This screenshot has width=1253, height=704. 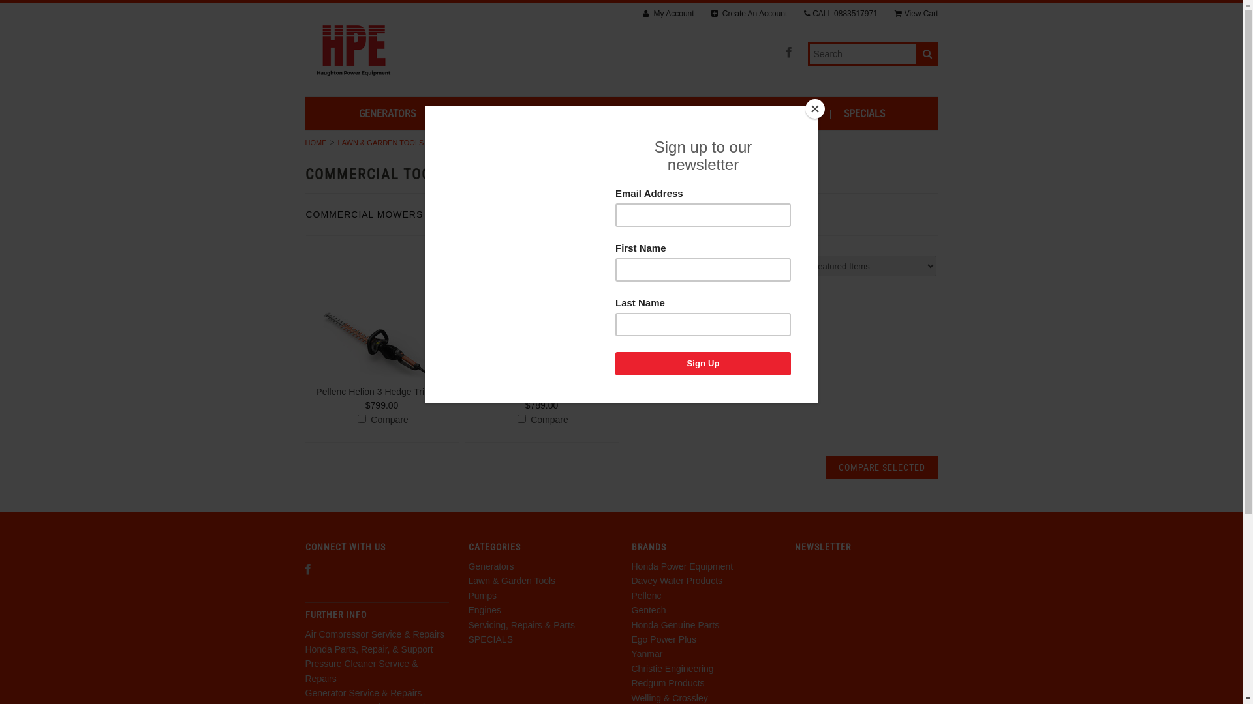 I want to click on 'Pumps', so click(x=482, y=596).